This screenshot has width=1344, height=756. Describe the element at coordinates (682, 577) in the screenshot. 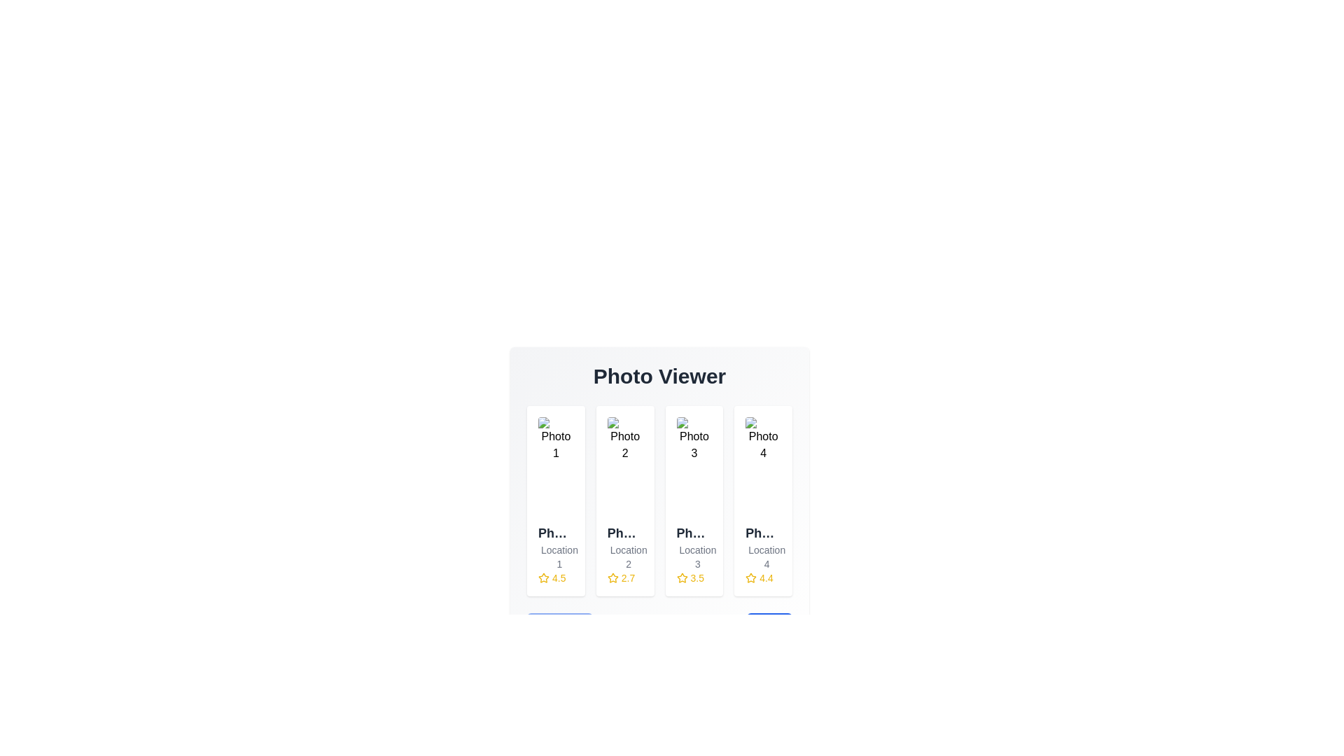

I see `the star rating indicator icon representing a score of '3.5' located in the third item of the 'Photo Viewer' row` at that location.